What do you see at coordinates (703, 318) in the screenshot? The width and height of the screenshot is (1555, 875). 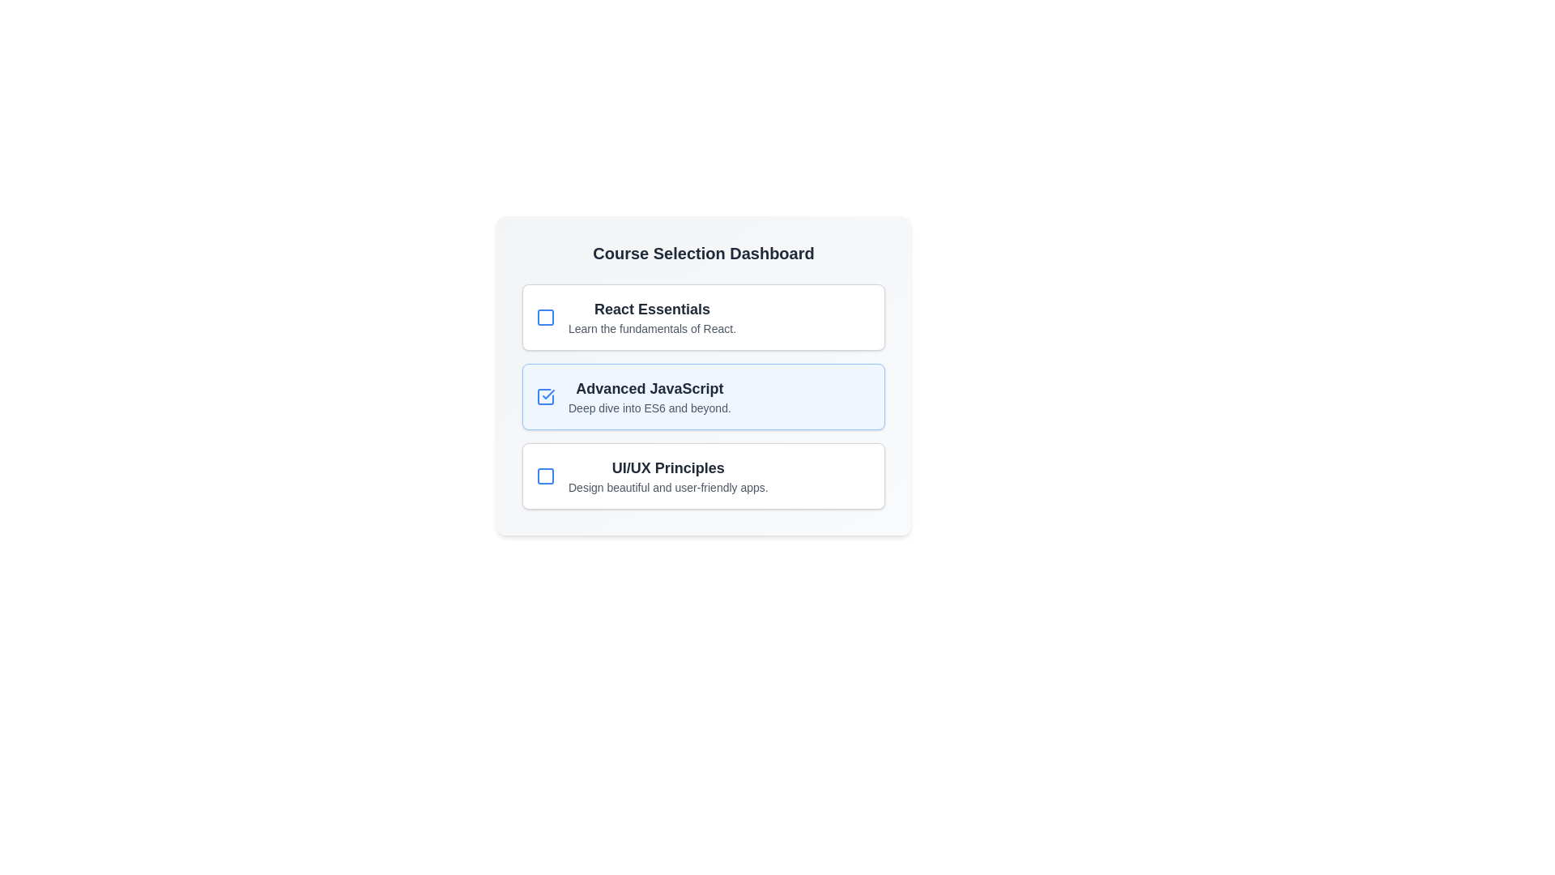 I see `the 'React Essentials' course selection card, which is the first card in the vertical stack of course cards on the 'Course Selection Dashboard'` at bounding box center [703, 318].